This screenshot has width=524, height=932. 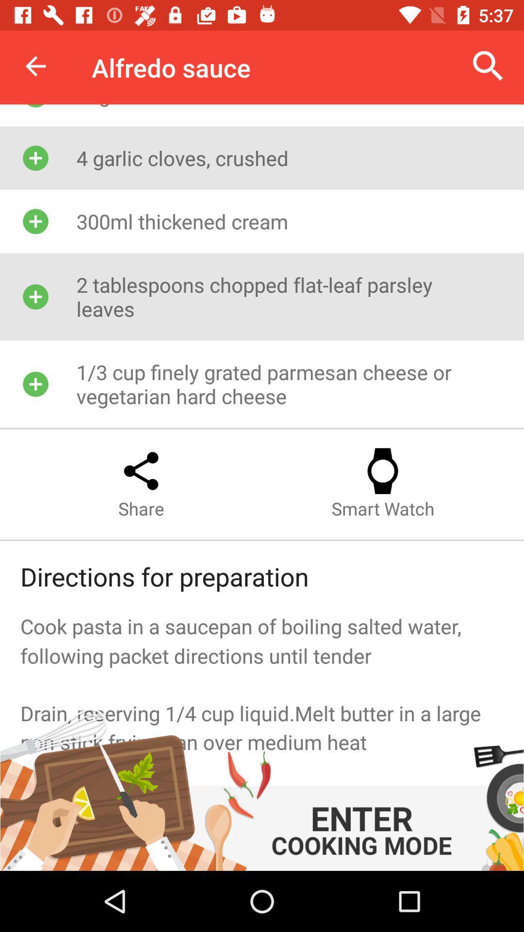 What do you see at coordinates (35, 66) in the screenshot?
I see `the item to the left of alfredo sauce icon` at bounding box center [35, 66].